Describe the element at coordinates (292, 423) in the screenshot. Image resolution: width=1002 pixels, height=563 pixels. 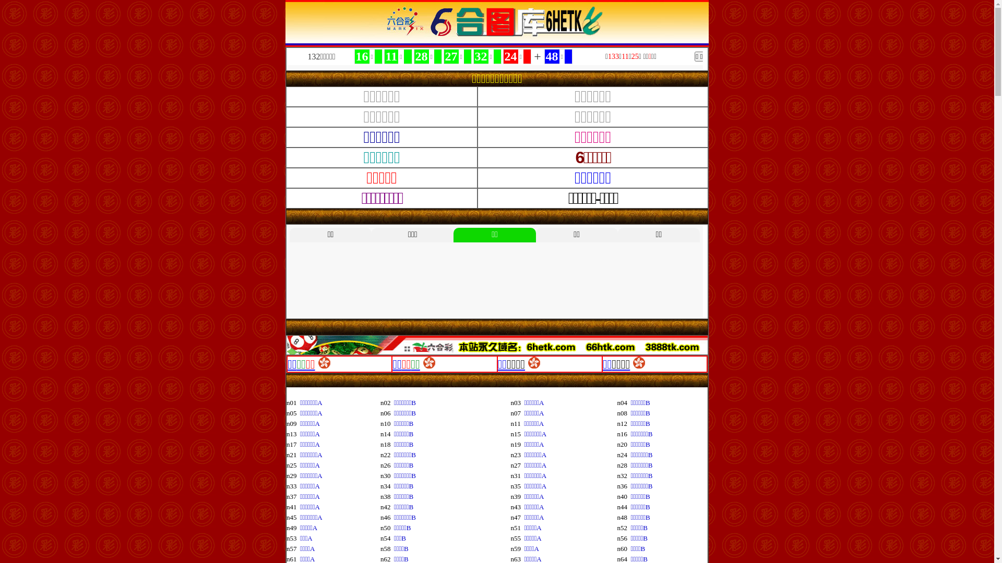
I see `'n09 '` at that location.